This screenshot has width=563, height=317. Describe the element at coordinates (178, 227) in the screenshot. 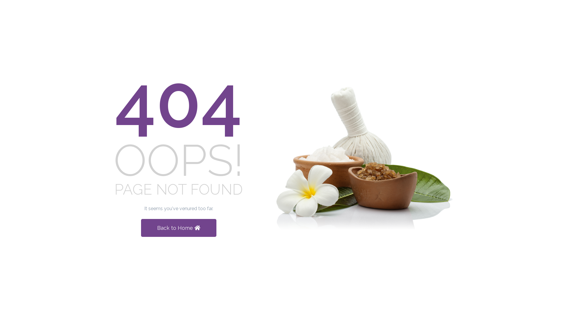

I see `'Back to Home'` at that location.